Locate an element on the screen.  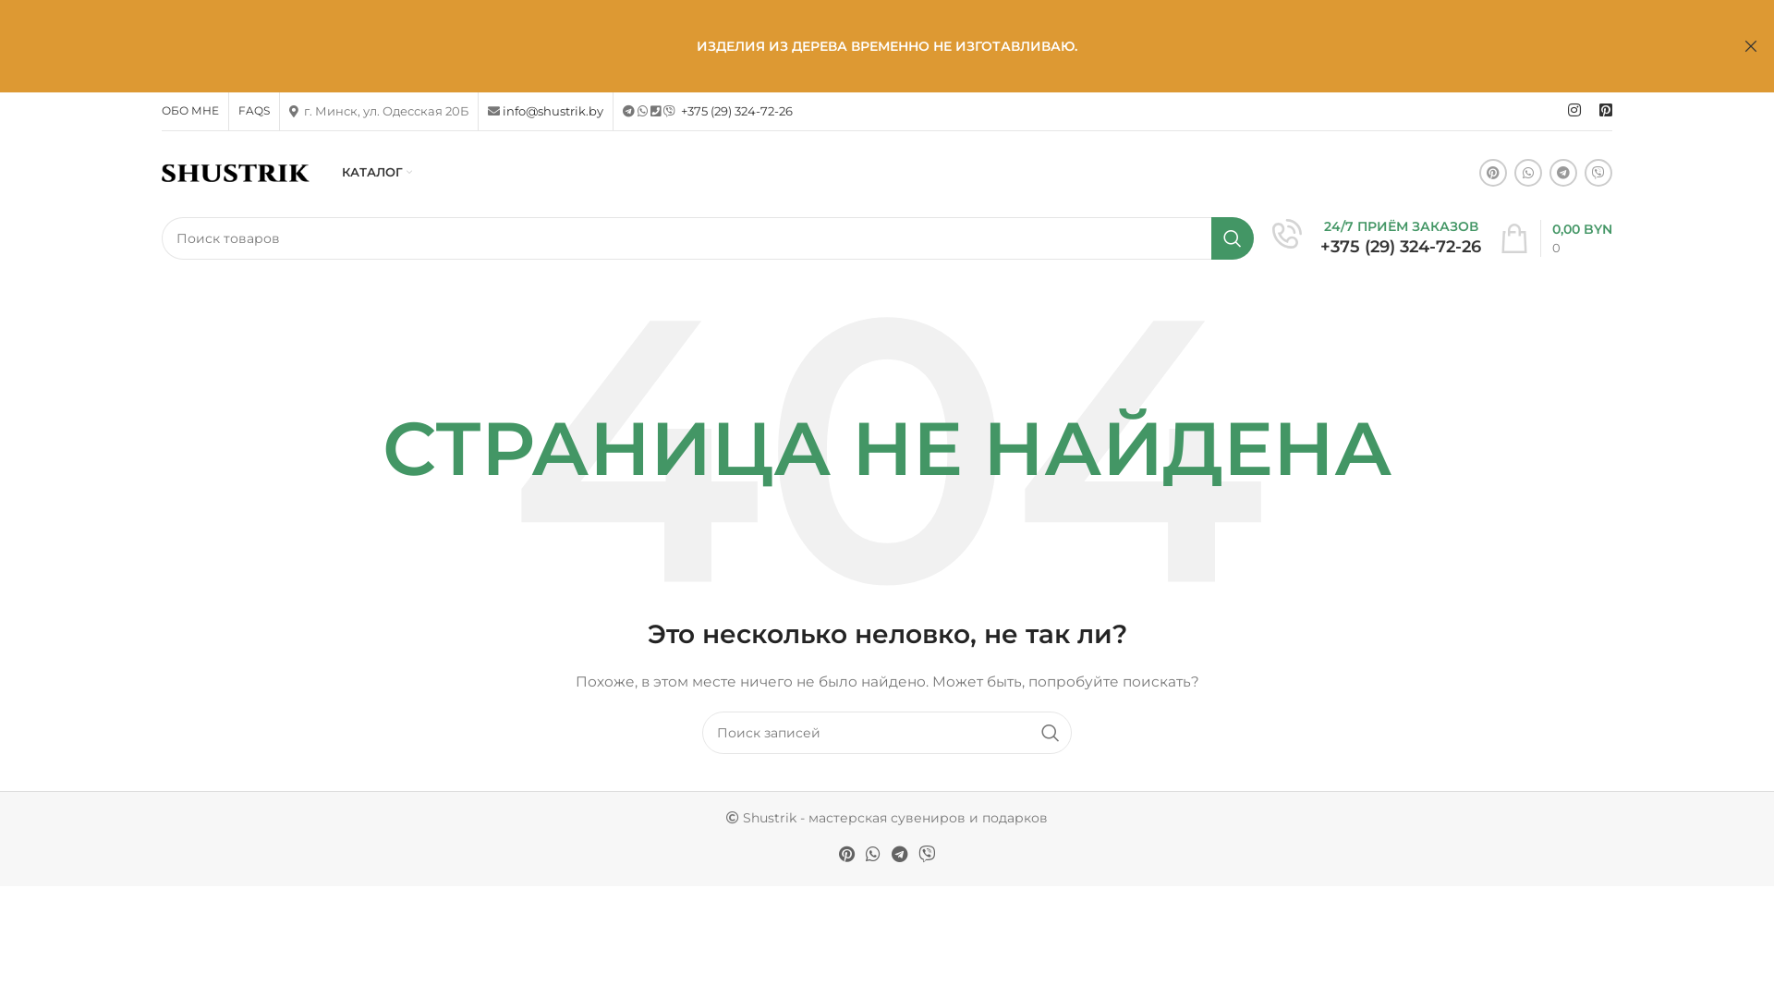
'+375 (29) 324-72-26' is located at coordinates (735, 110).